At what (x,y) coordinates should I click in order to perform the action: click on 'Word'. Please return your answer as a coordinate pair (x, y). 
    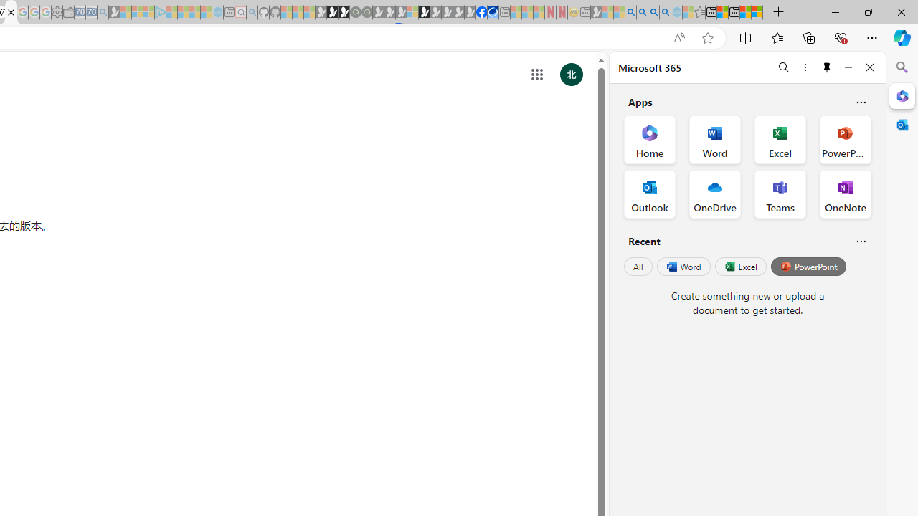
    Looking at the image, I should click on (682, 267).